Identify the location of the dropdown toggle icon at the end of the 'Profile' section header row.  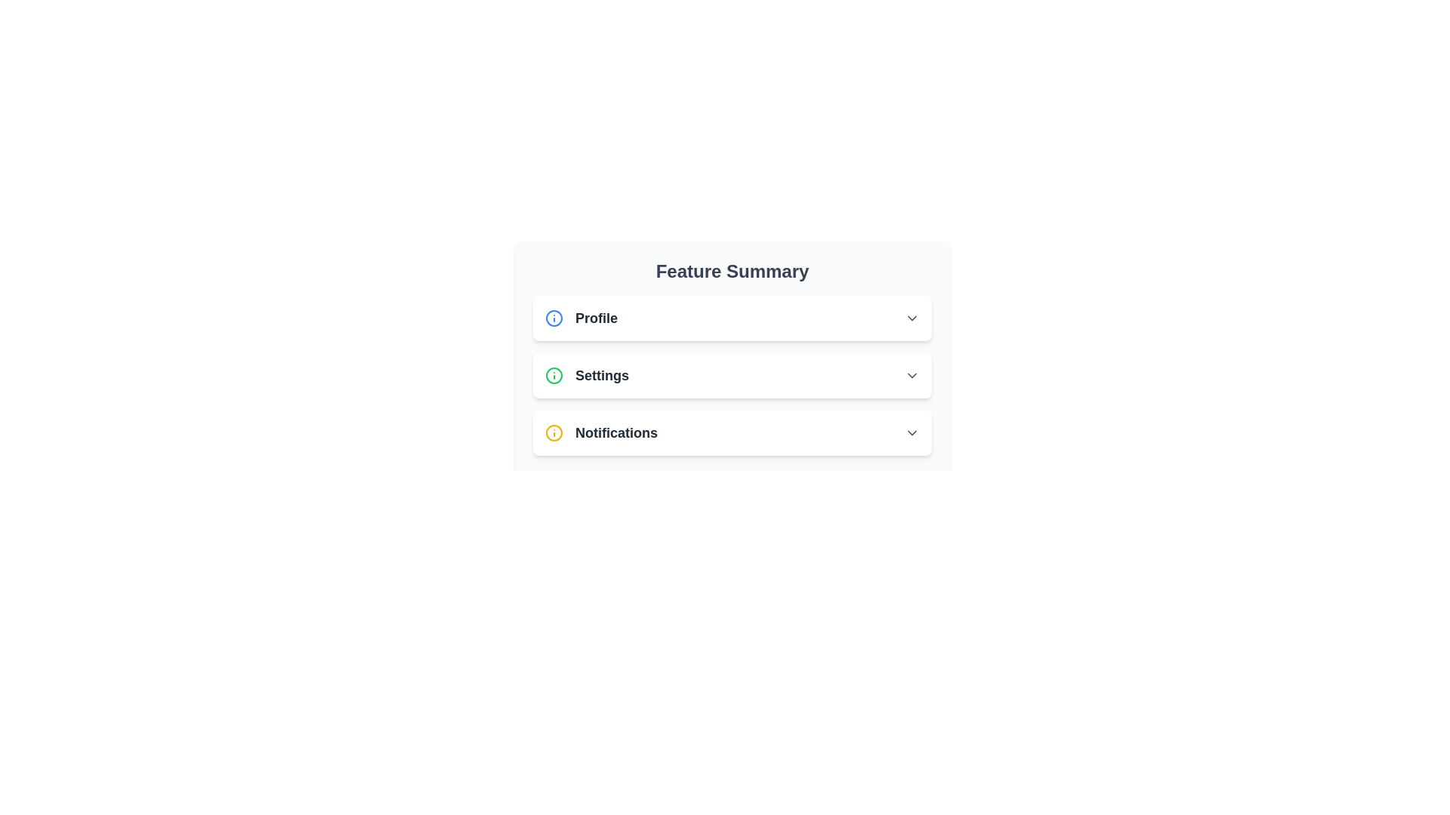
(912, 317).